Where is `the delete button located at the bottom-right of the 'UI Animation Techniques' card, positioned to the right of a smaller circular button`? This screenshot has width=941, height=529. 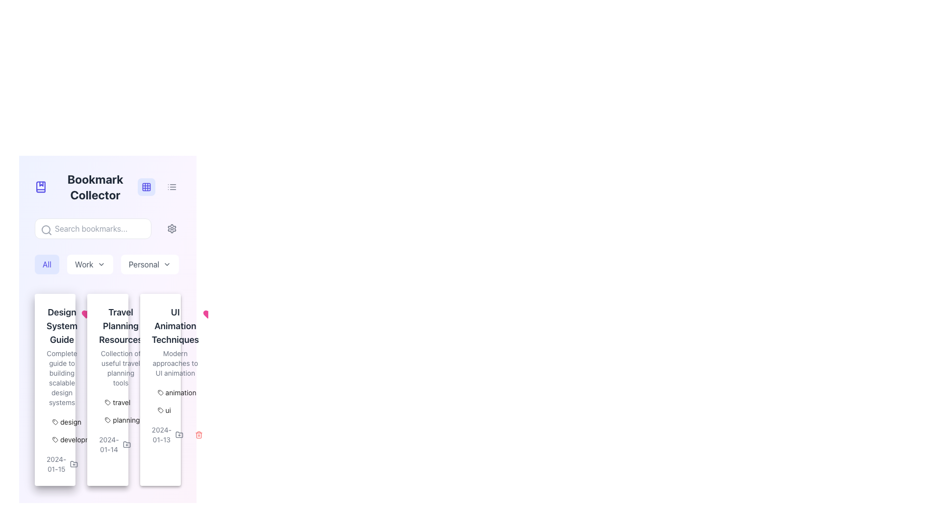 the delete button located at the bottom-right of the 'UI Animation Techniques' card, positioned to the right of a smaller circular button is located at coordinates (146, 444).